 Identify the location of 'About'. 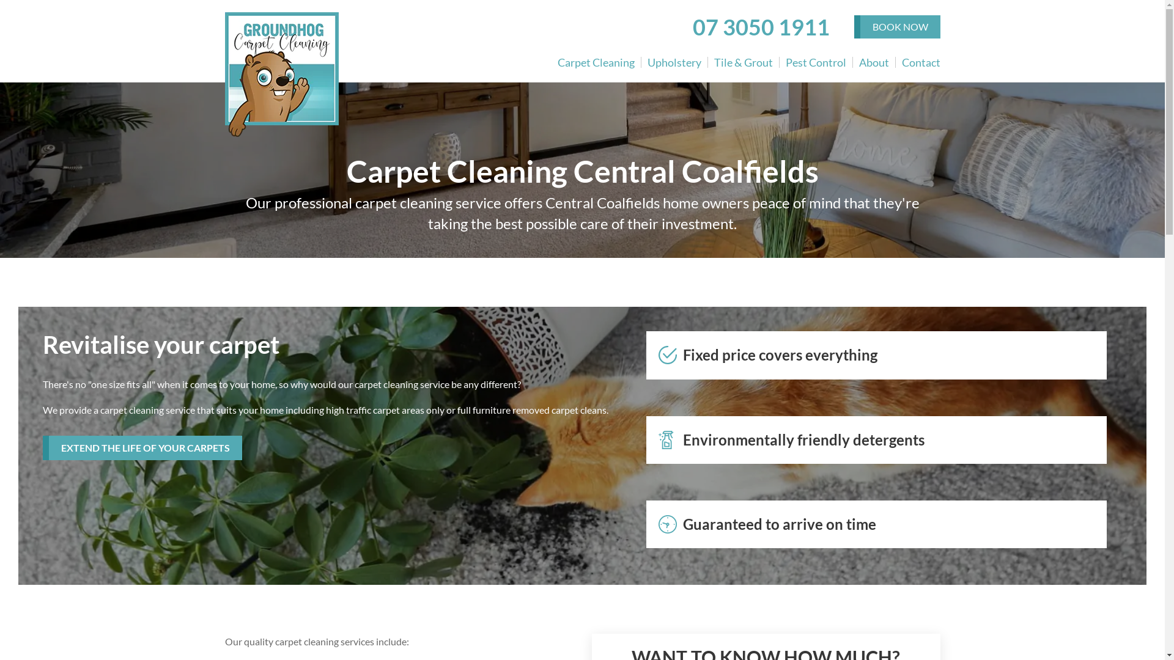
(851, 62).